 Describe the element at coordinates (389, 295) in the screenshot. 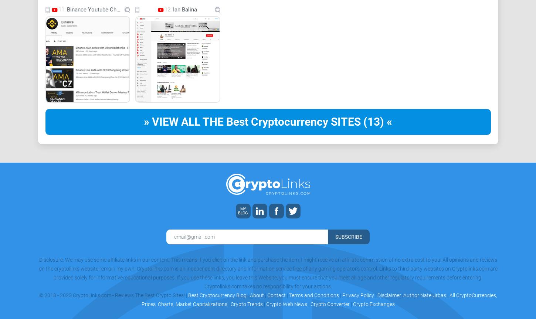

I see `'Disclaimer'` at that location.